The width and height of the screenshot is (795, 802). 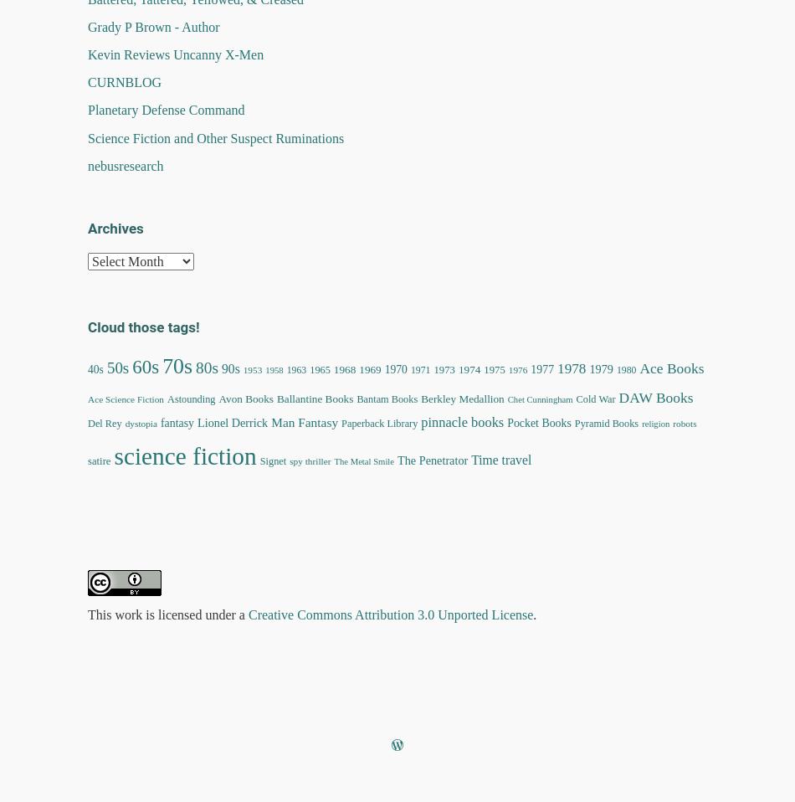 I want to click on '1958', so click(x=273, y=370).